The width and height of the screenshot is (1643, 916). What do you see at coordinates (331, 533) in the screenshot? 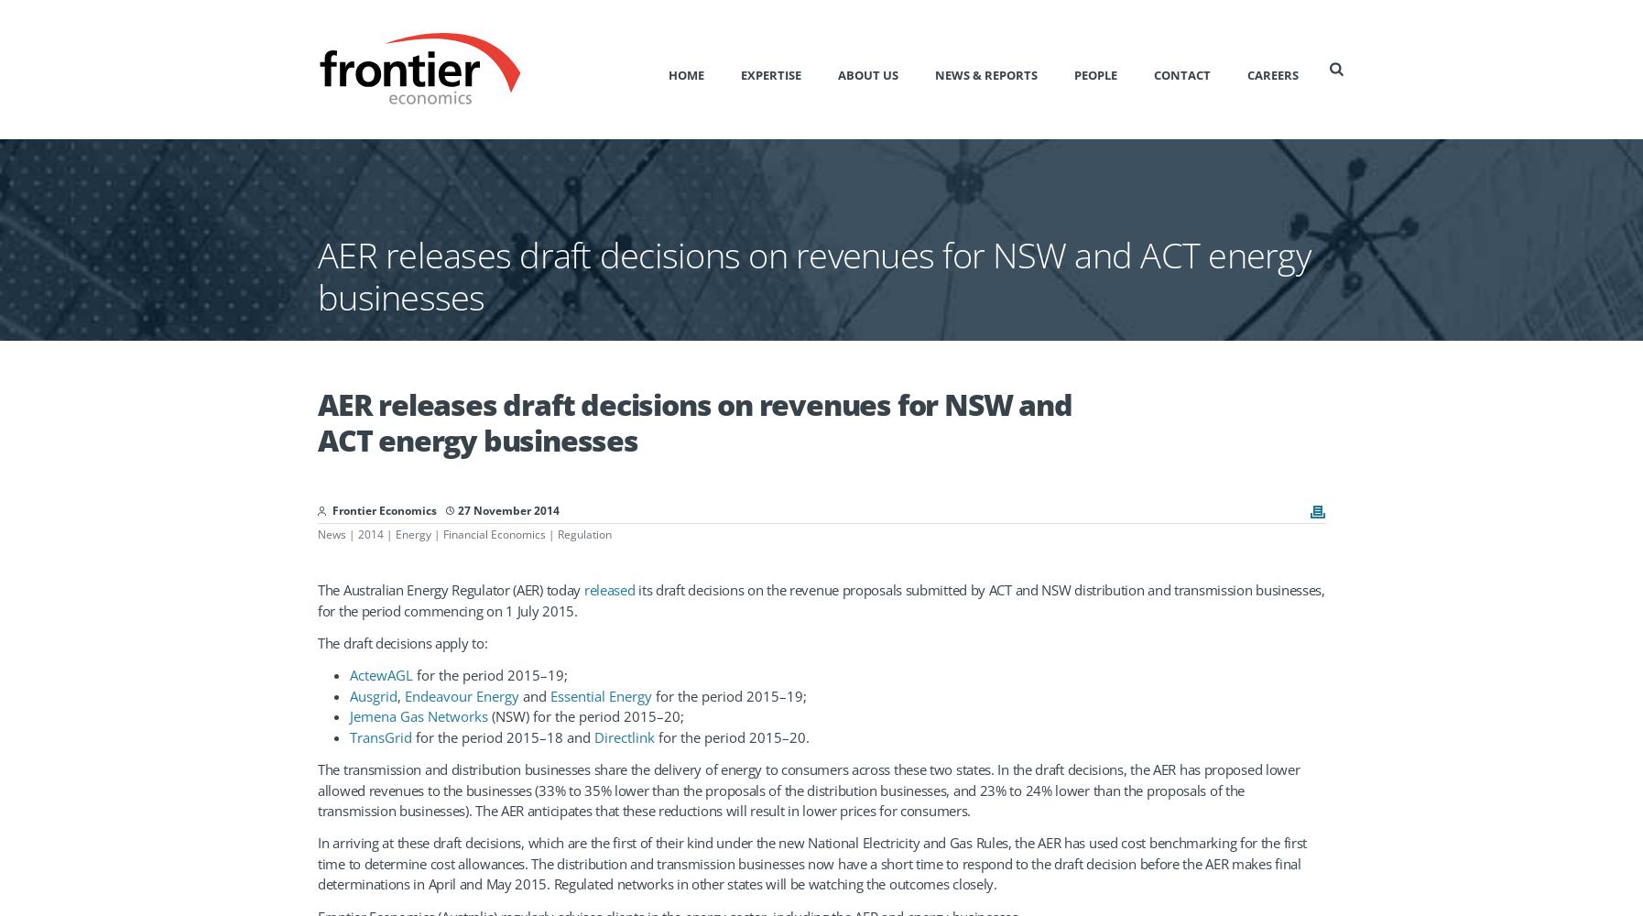
I see `'News'` at bounding box center [331, 533].